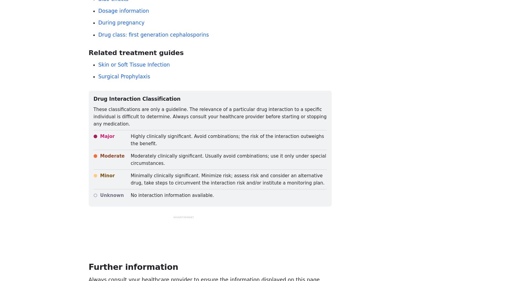  I want to click on 'Drug Interaction Classification', so click(93, 98).